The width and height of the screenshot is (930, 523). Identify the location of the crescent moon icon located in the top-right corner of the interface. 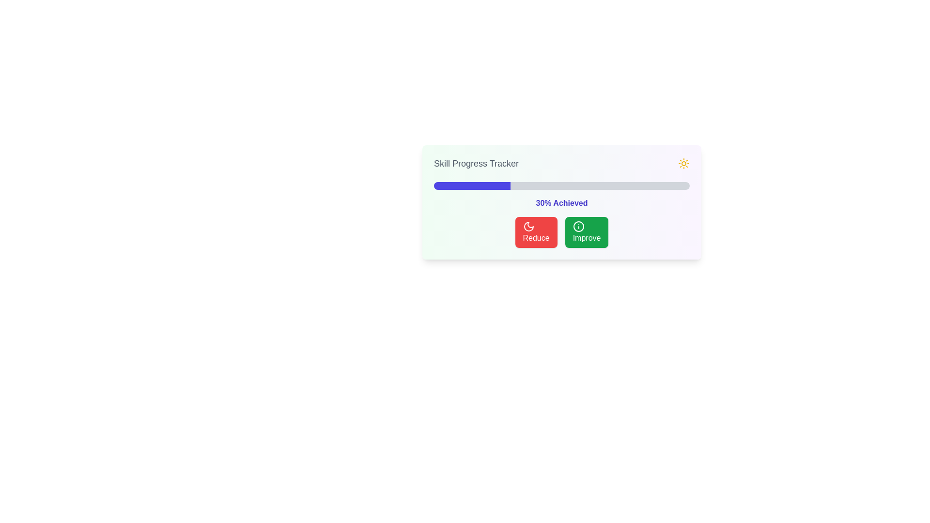
(528, 226).